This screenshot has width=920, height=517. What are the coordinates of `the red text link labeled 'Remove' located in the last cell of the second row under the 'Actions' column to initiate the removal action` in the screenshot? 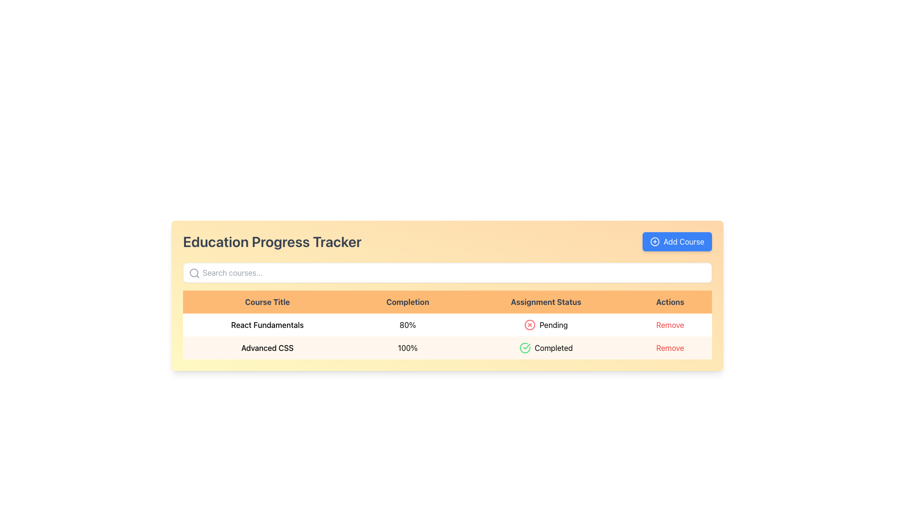 It's located at (669, 348).